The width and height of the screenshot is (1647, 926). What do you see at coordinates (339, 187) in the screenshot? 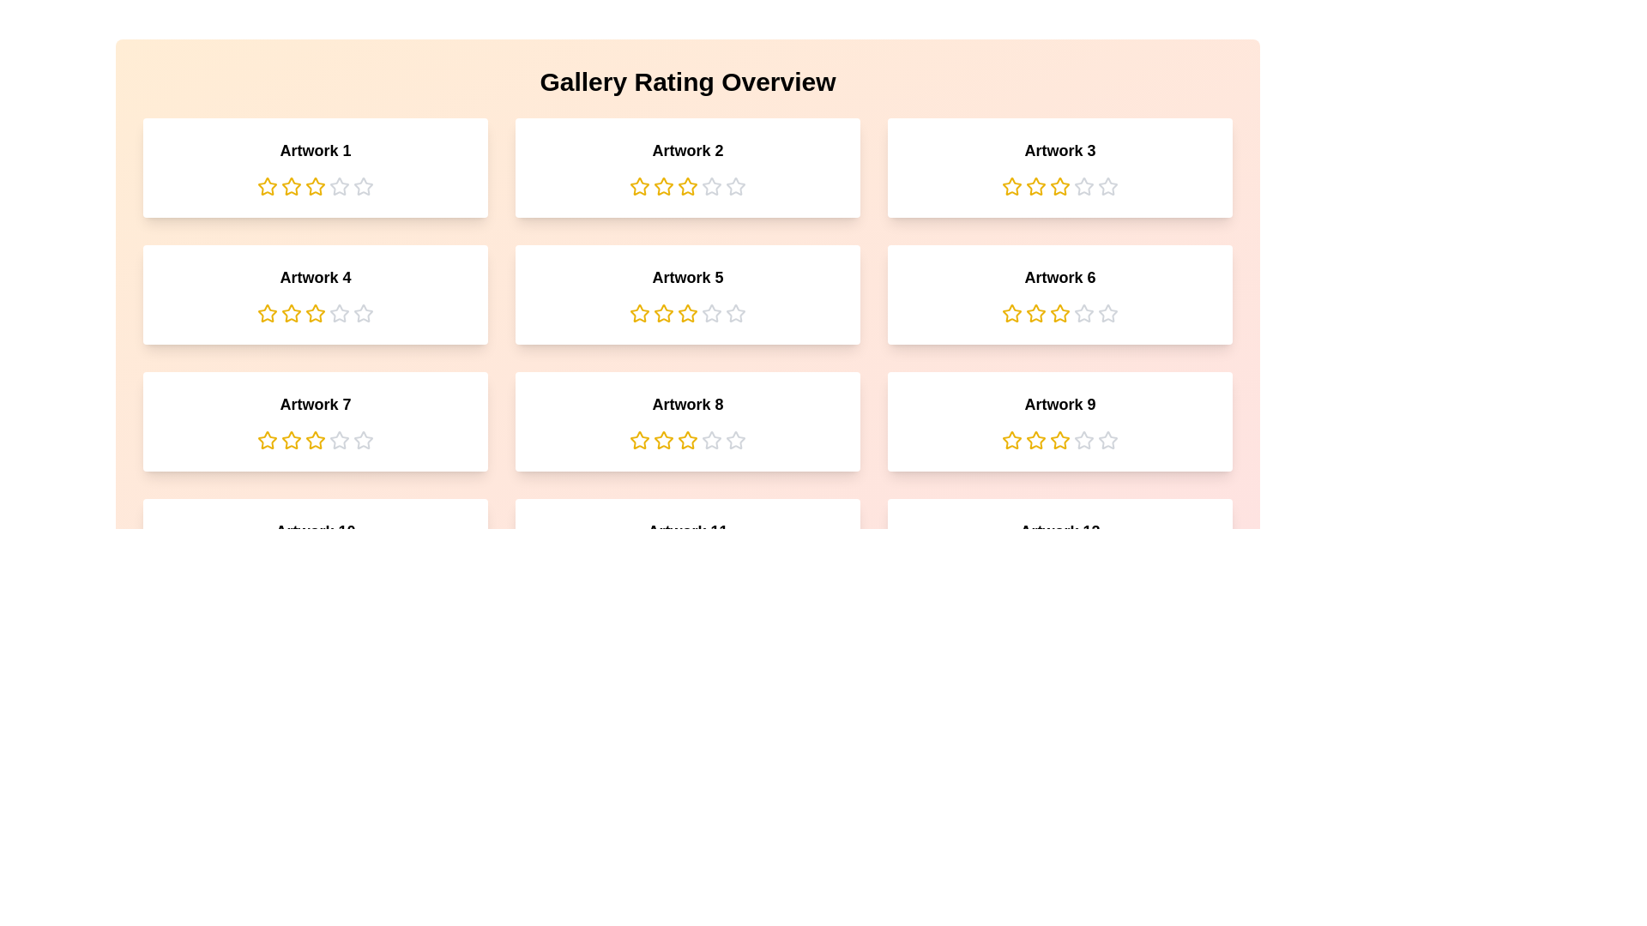
I see `the rating of an artwork to 4 stars by clicking the corresponding star` at bounding box center [339, 187].